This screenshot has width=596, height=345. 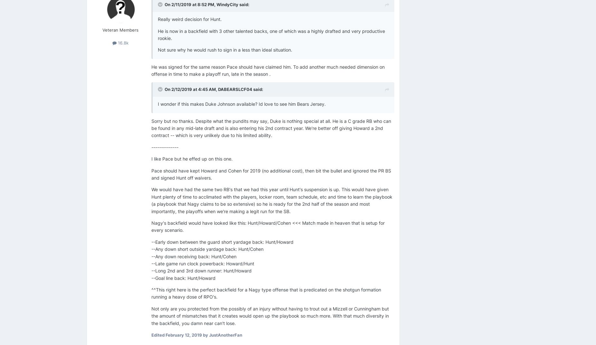 I want to click on '--Goal line back: Hunt/Howard', so click(x=183, y=278).